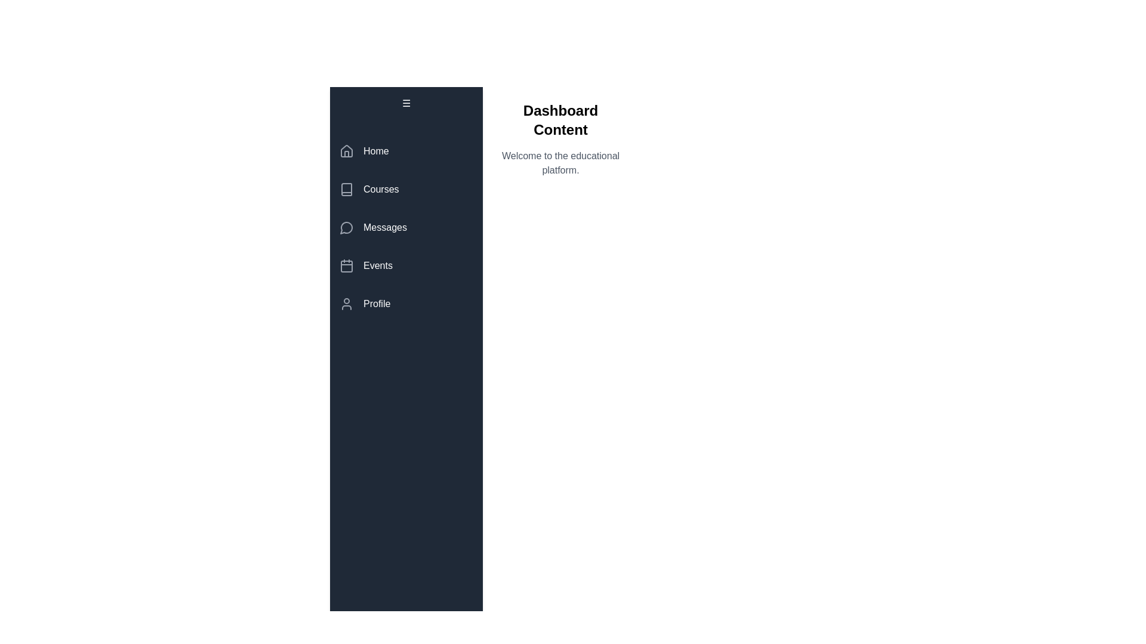 This screenshot has height=644, width=1146. What do you see at coordinates (406, 265) in the screenshot?
I see `the menu item labeled Events by clicking on it` at bounding box center [406, 265].